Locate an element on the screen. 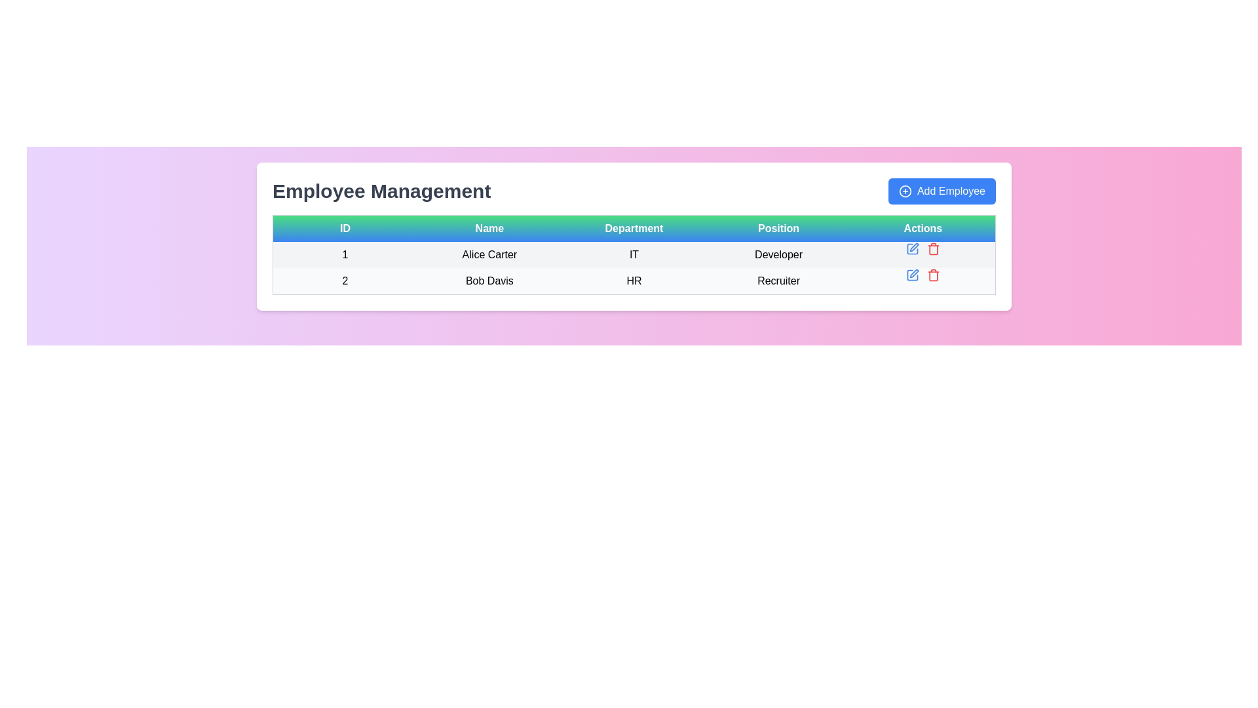  the pen icon located in the 'Actions' column of the second row in the table, which is adjacent to other action icons such as a trash bin is located at coordinates (911, 275).